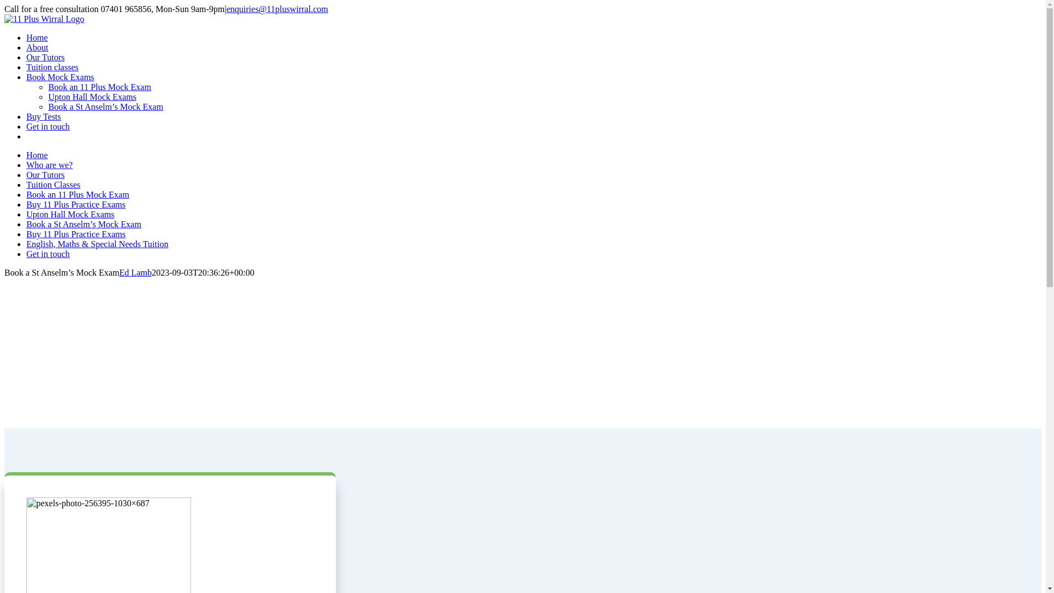 This screenshot has width=1054, height=593. I want to click on 'Get in touch', so click(47, 126).